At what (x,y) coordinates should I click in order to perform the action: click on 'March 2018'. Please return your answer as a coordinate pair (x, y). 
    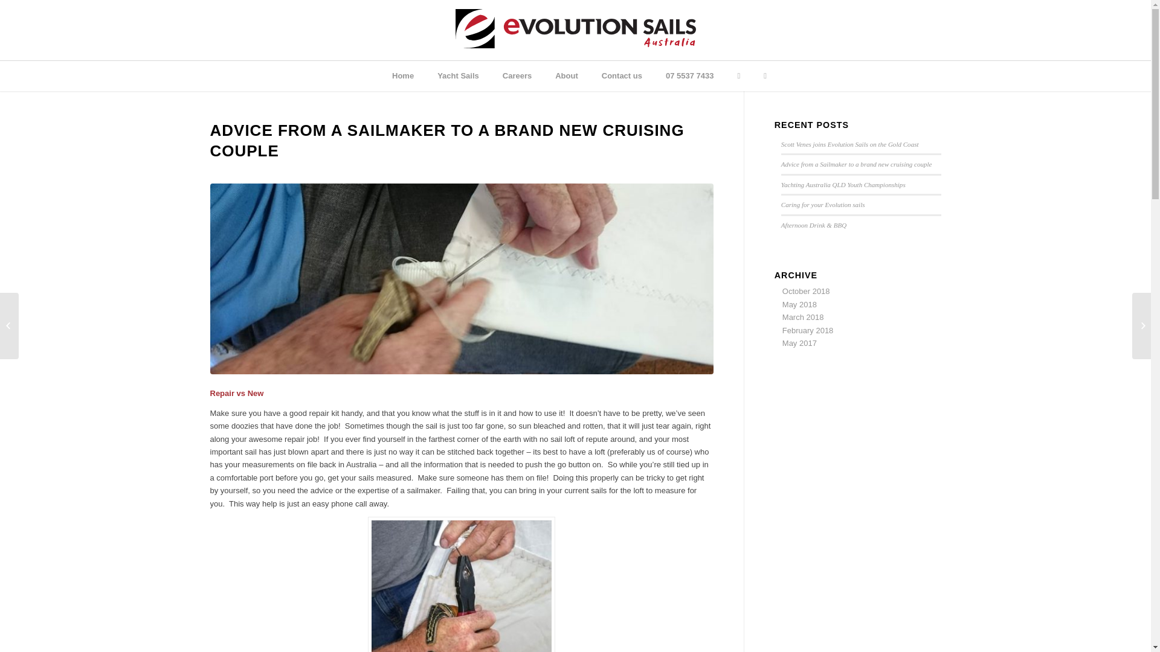
    Looking at the image, I should click on (782, 316).